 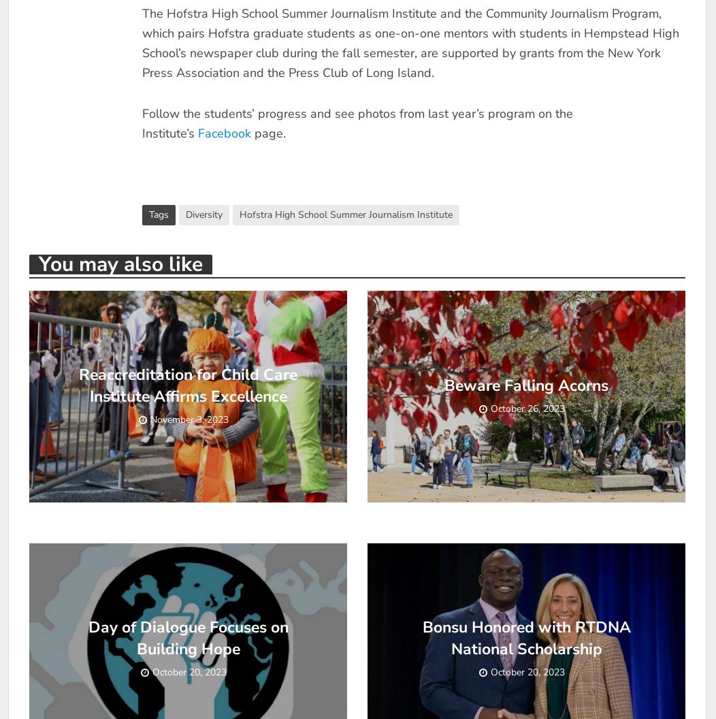 I want to click on 'The Hofstra High School Summer Journalism Institute and the Community Journalism Program, which pairs Hofstra graduate students as one-on-one mentors with students in Hempstead High School’s newspaper club during the fall semester, are supported by grants from the New York Press Association and the Press Club of Long Island.', so click(x=409, y=43).